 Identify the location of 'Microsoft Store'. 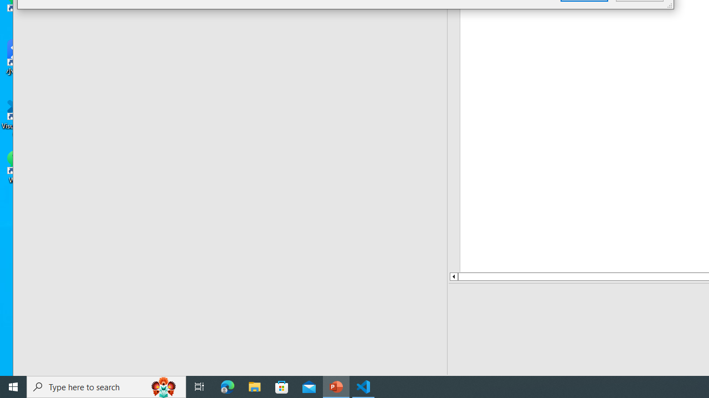
(282, 386).